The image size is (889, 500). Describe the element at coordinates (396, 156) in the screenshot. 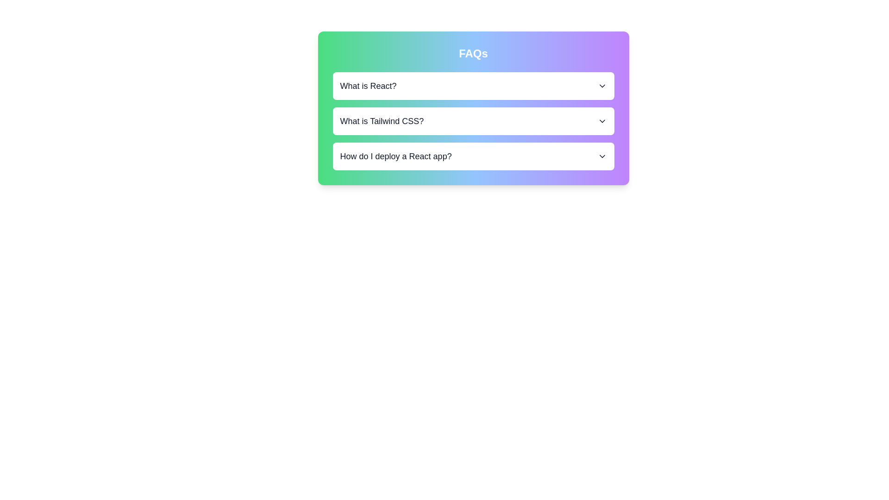

I see `the text element displaying the question 'How do I deploy a React app?', which is the third question in the FAQ section` at that location.